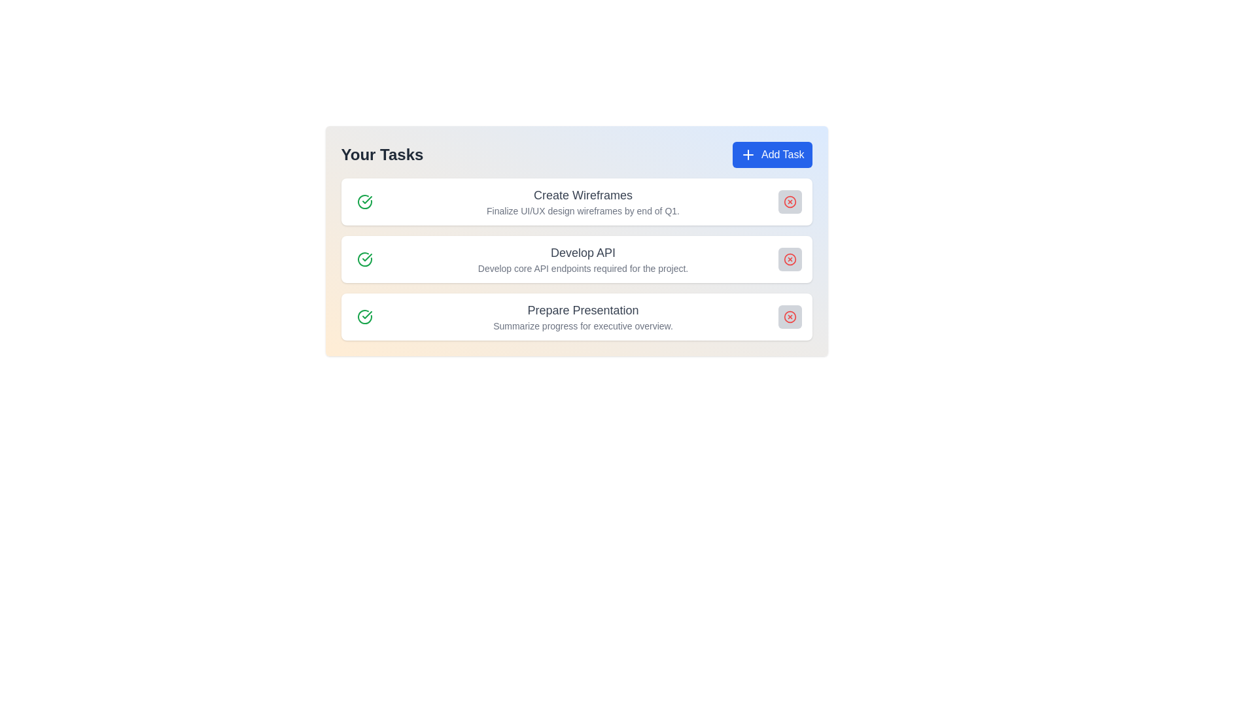  I want to click on the text label displaying 'Develop API', which is the central task title in the task list interface, so click(582, 252).